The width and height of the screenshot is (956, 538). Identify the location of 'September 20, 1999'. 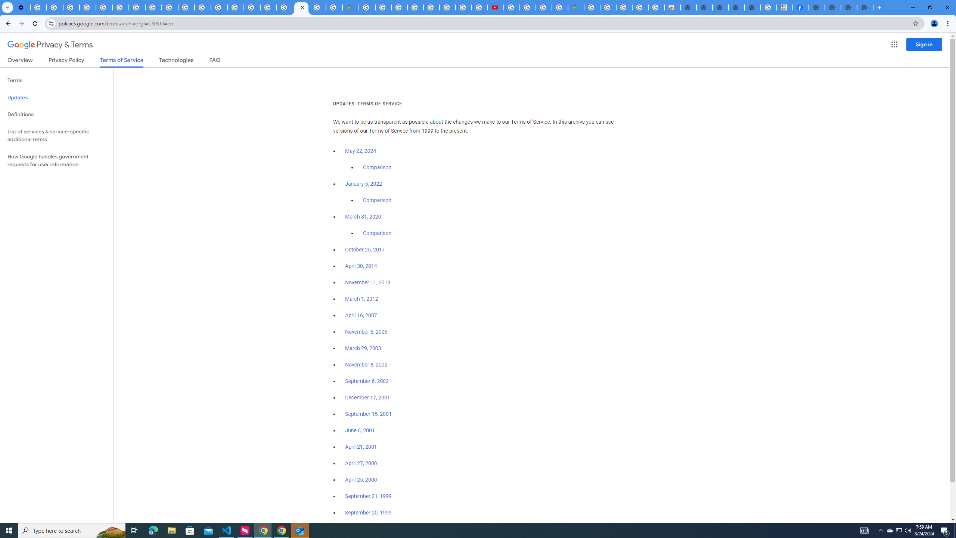
(368, 512).